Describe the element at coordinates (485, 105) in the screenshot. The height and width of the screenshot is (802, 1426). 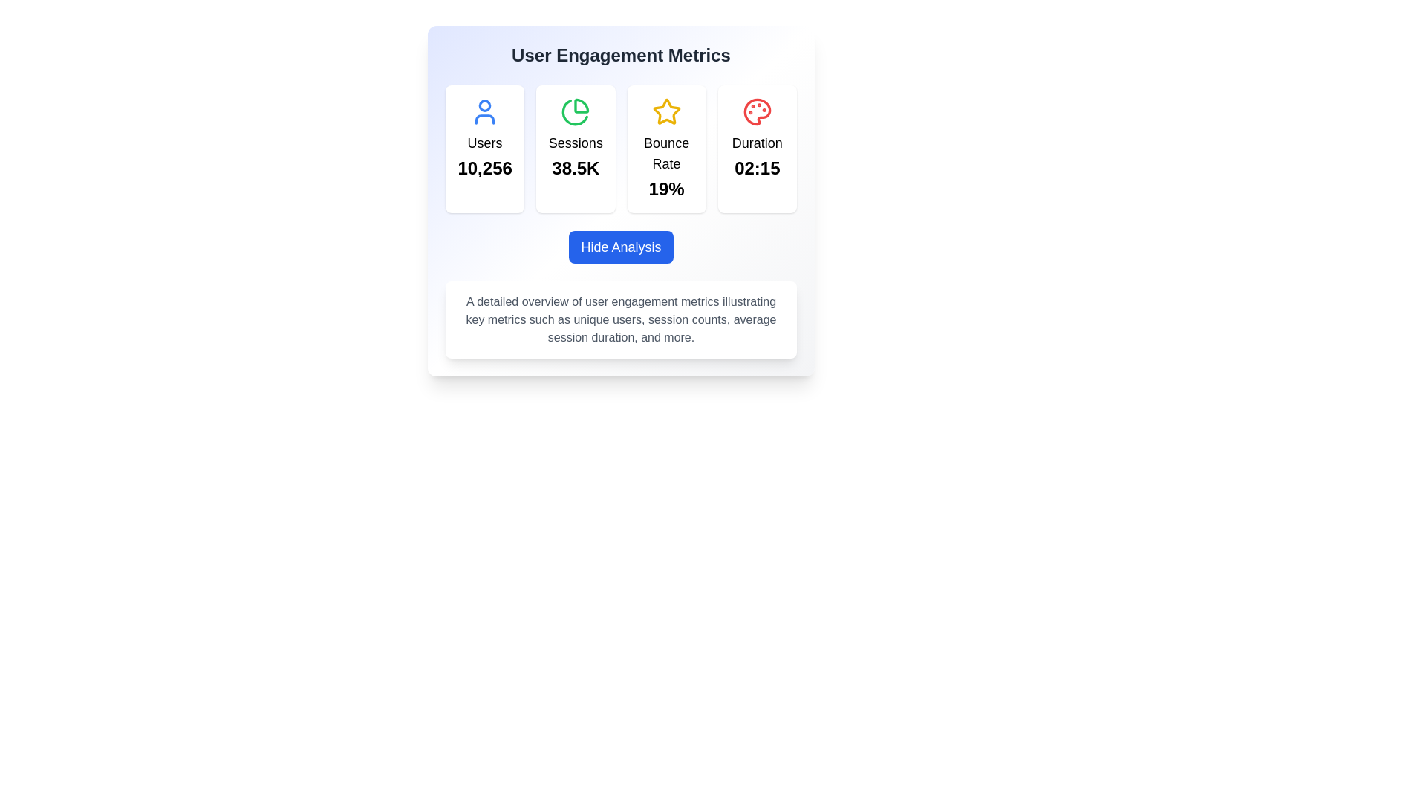
I see `the circular part of the user icon located at the upper middle section of the metric card titled 'Users'` at that location.